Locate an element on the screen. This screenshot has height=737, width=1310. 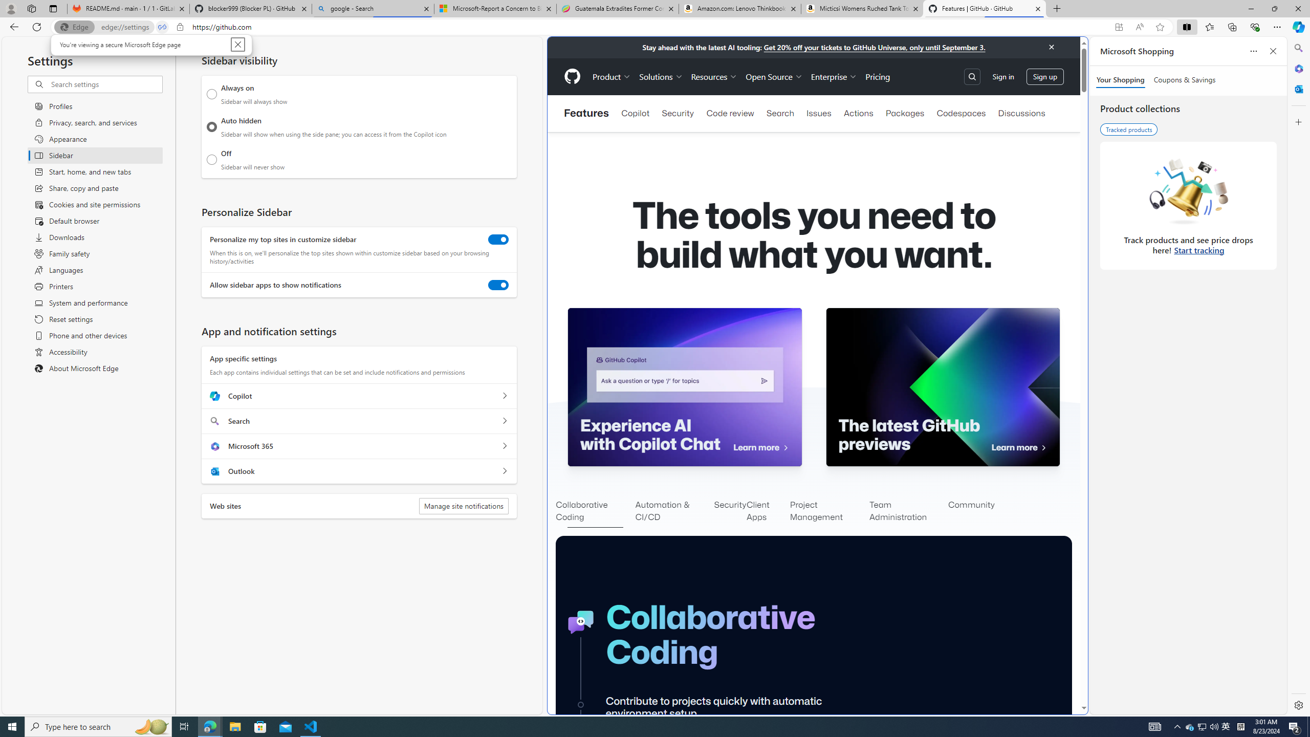
'Microsoft Store' is located at coordinates (260, 726).